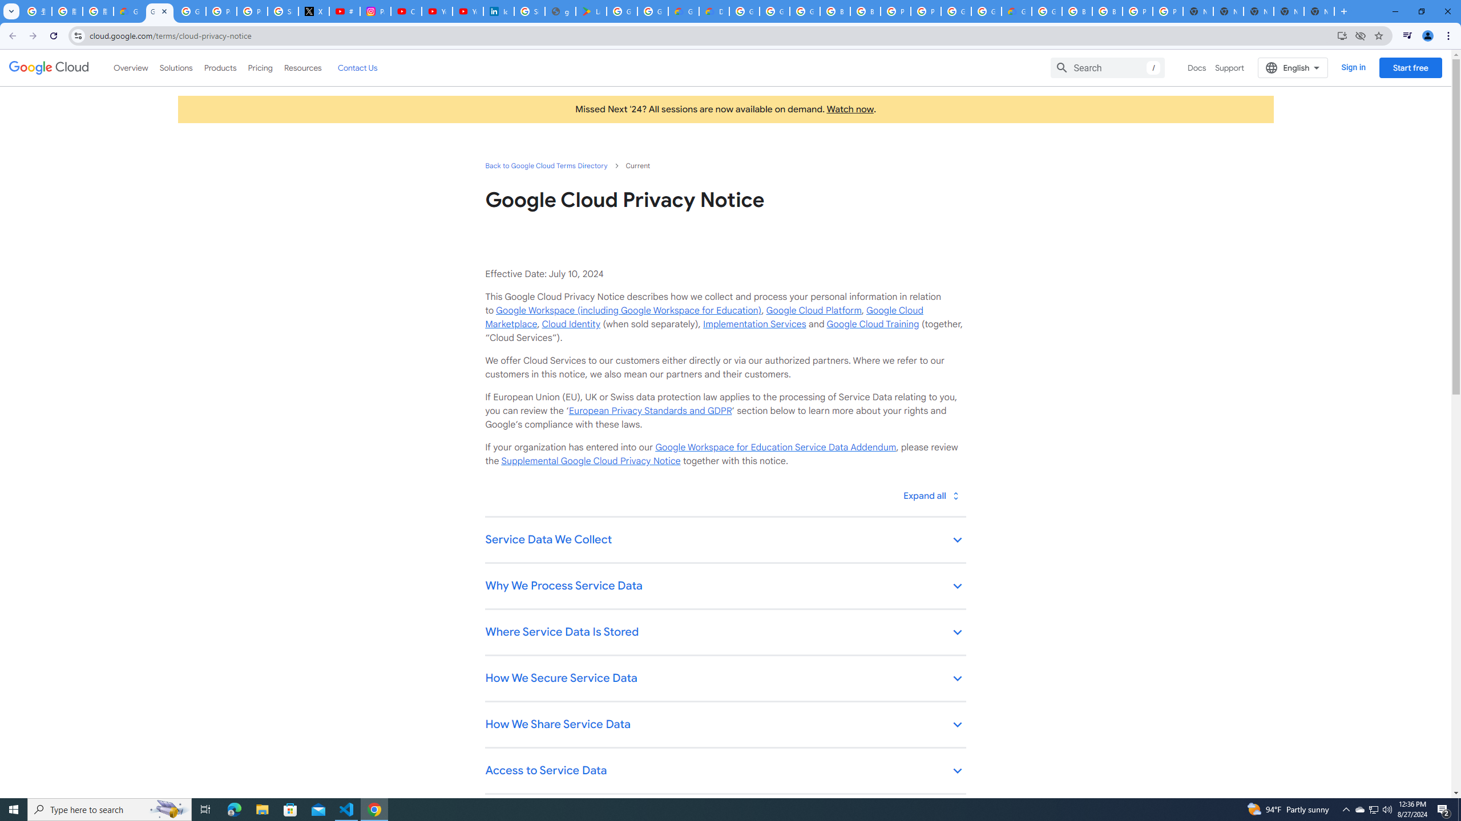 The width and height of the screenshot is (1461, 821). I want to click on 'Start free', so click(1410, 67).